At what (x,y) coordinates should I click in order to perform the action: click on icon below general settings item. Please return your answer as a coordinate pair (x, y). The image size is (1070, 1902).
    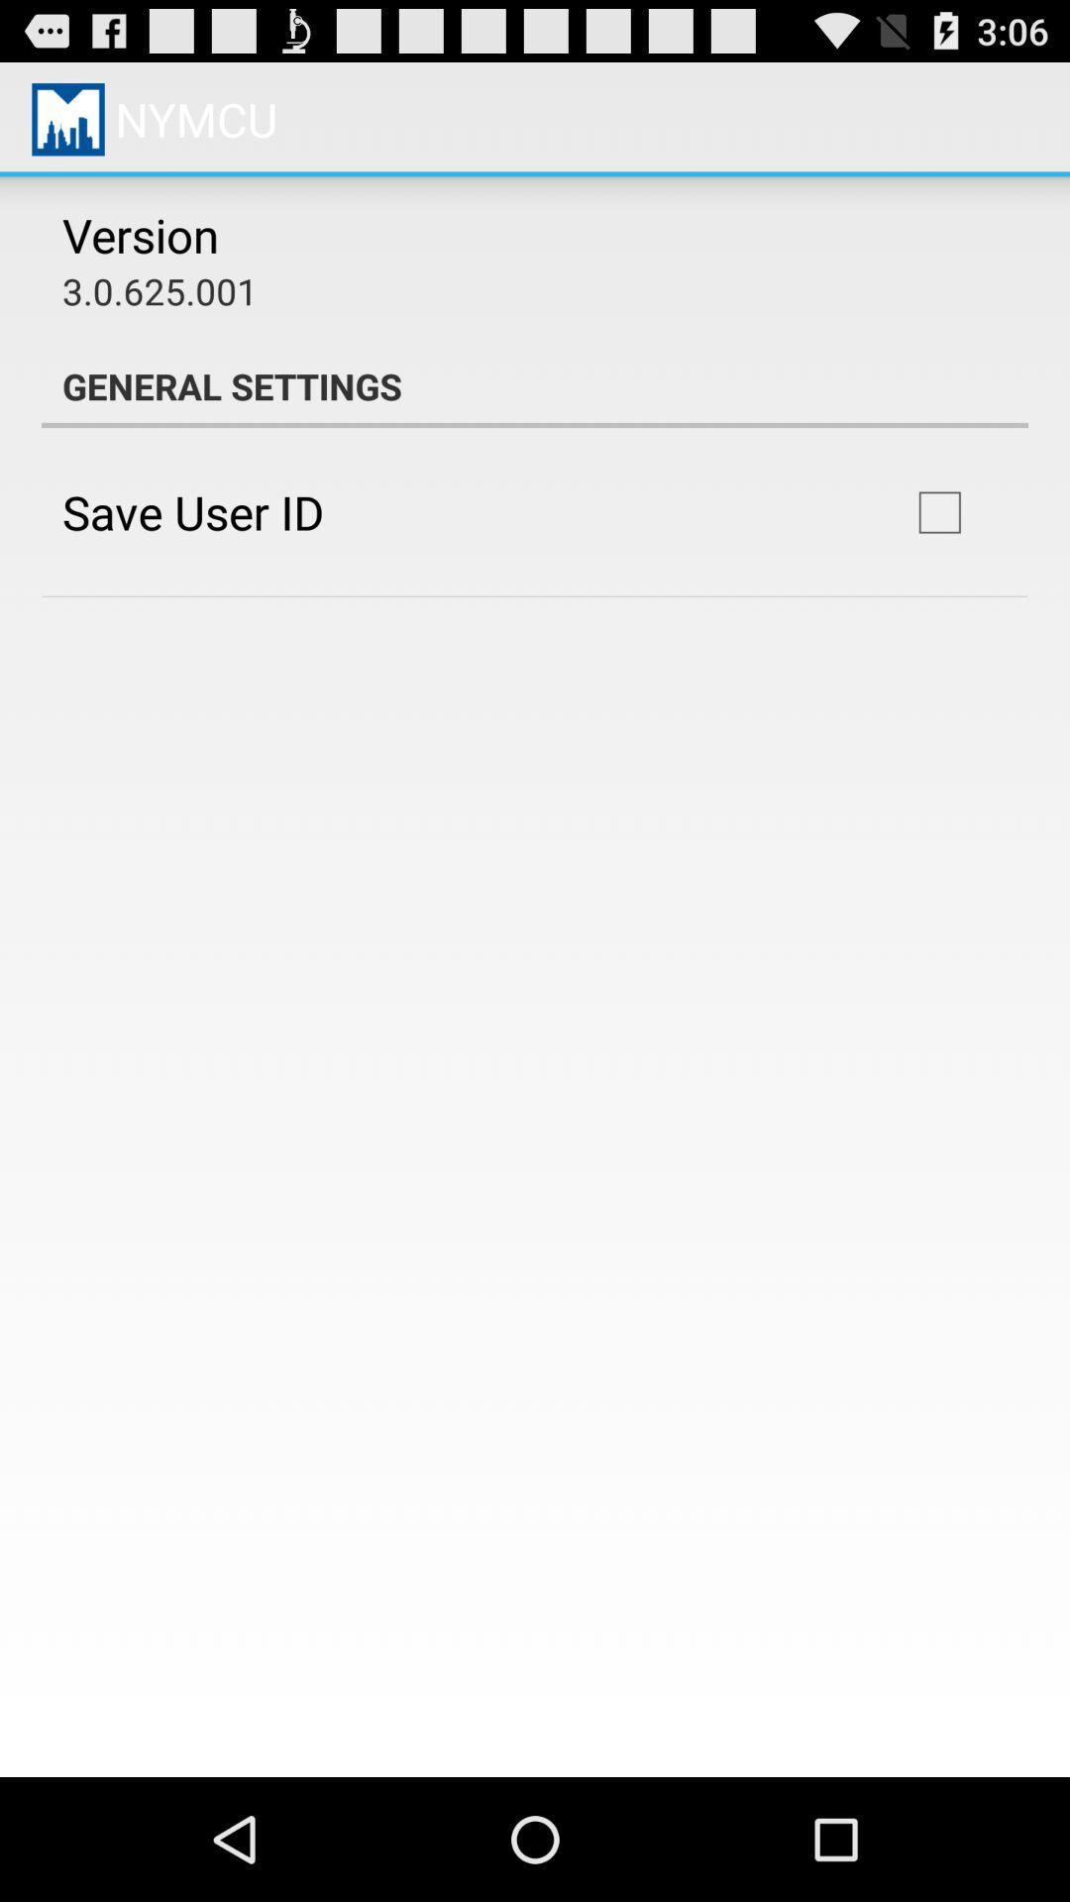
    Looking at the image, I should click on (193, 512).